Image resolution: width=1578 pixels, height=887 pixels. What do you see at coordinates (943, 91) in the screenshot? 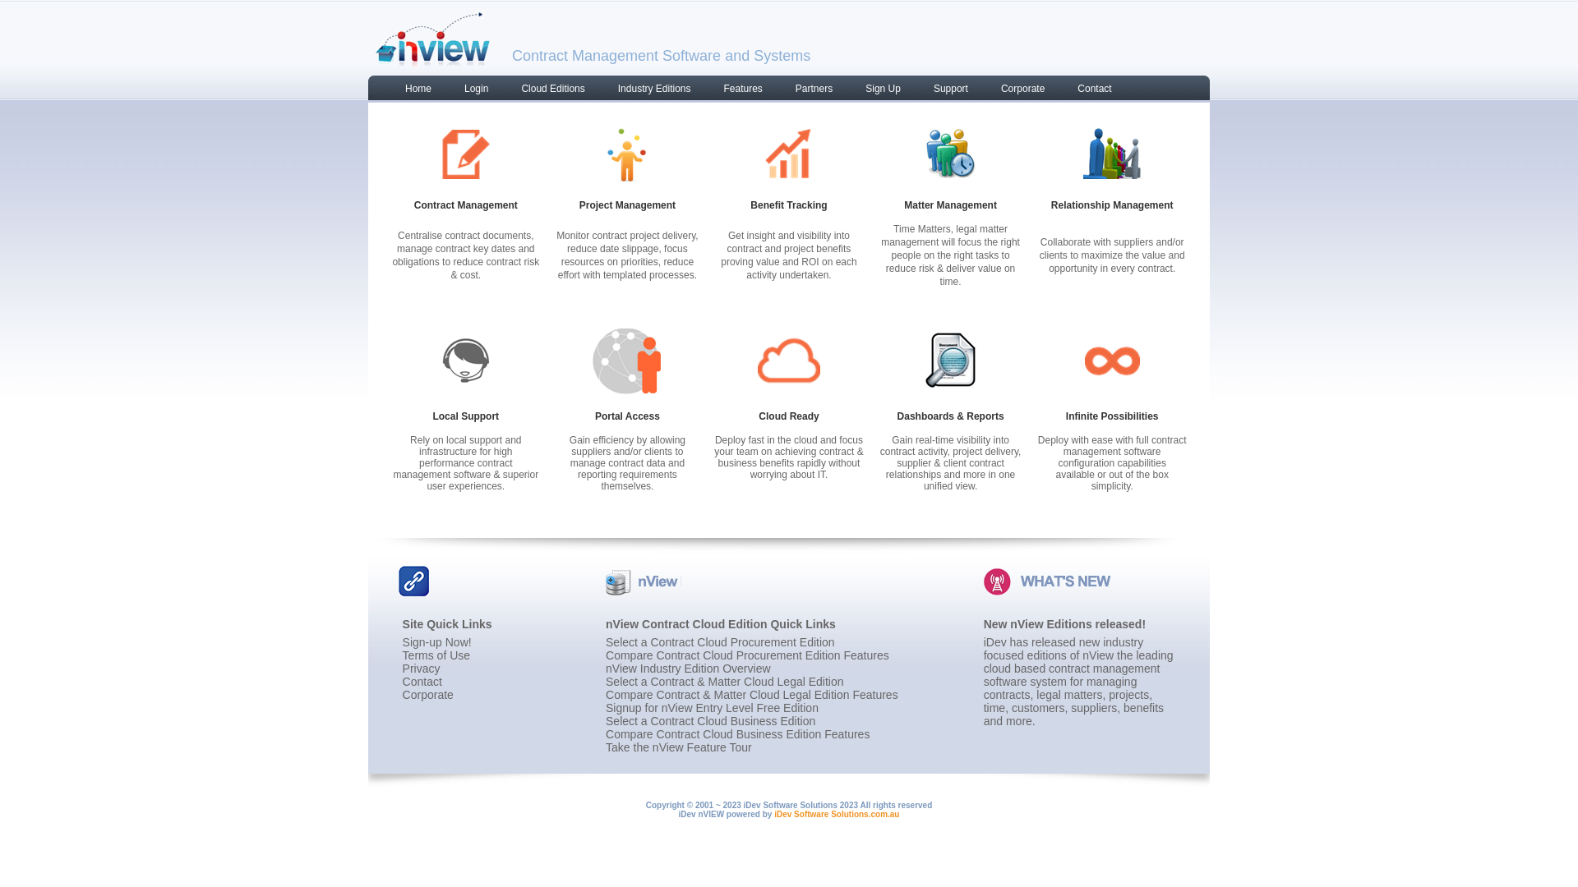
I see `'Support'` at bounding box center [943, 91].